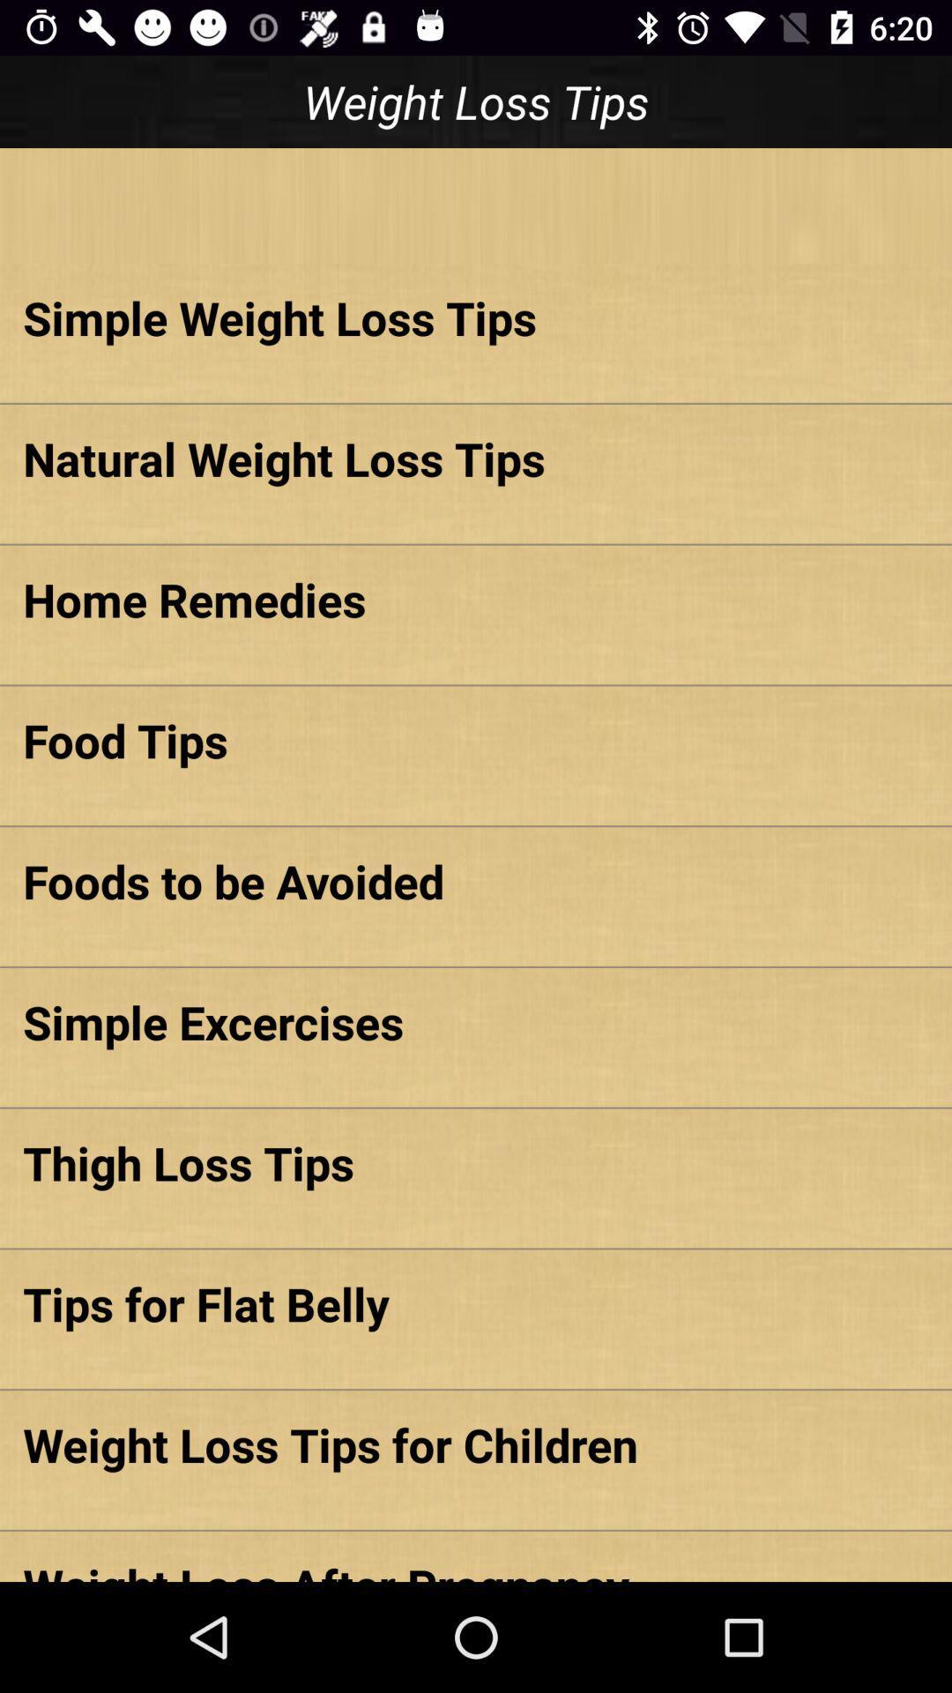 This screenshot has height=1693, width=952. What do you see at coordinates (476, 740) in the screenshot?
I see `the food tips` at bounding box center [476, 740].